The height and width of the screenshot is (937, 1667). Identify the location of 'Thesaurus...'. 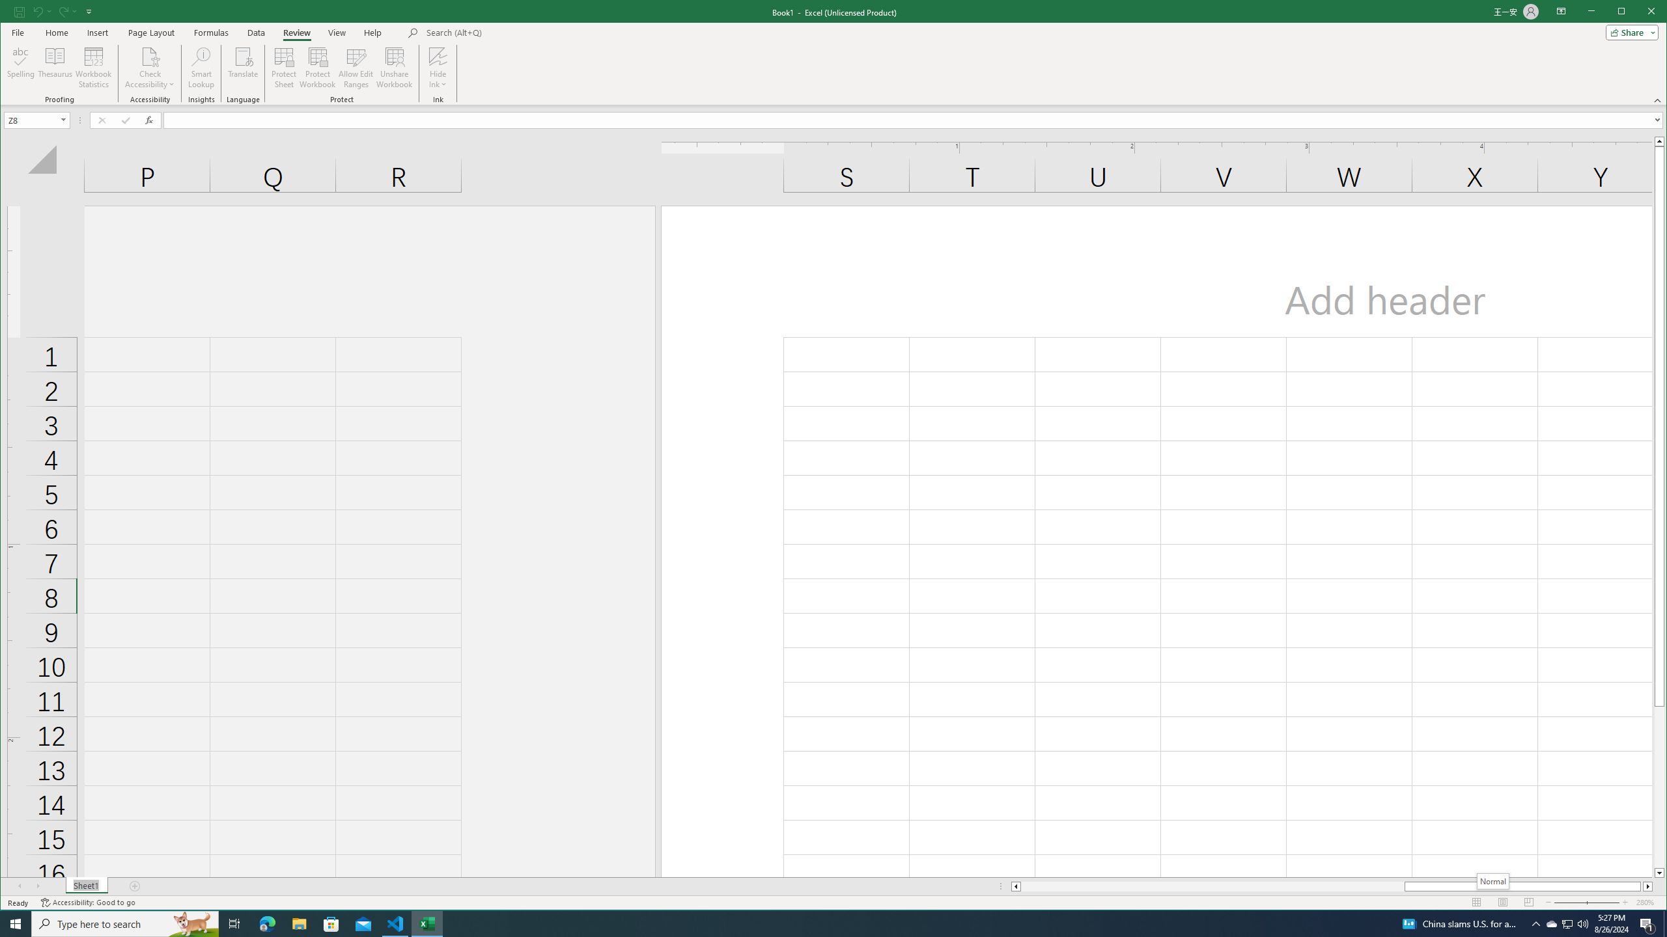
(55, 67).